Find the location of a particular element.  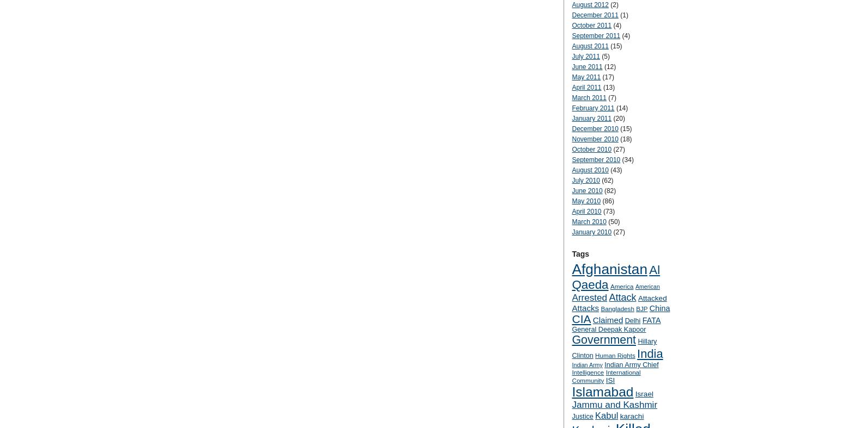

'Government' is located at coordinates (603, 339).